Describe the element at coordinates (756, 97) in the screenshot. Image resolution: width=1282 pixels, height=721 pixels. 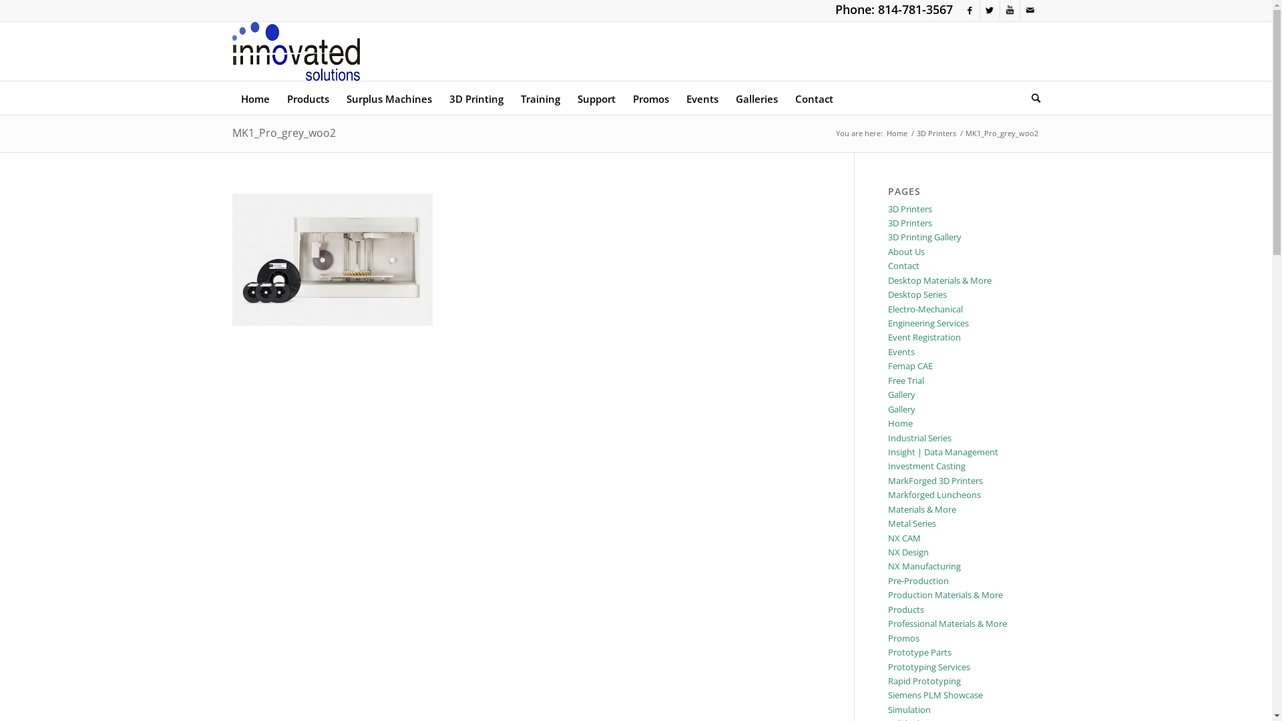
I see `'Galleries'` at that location.